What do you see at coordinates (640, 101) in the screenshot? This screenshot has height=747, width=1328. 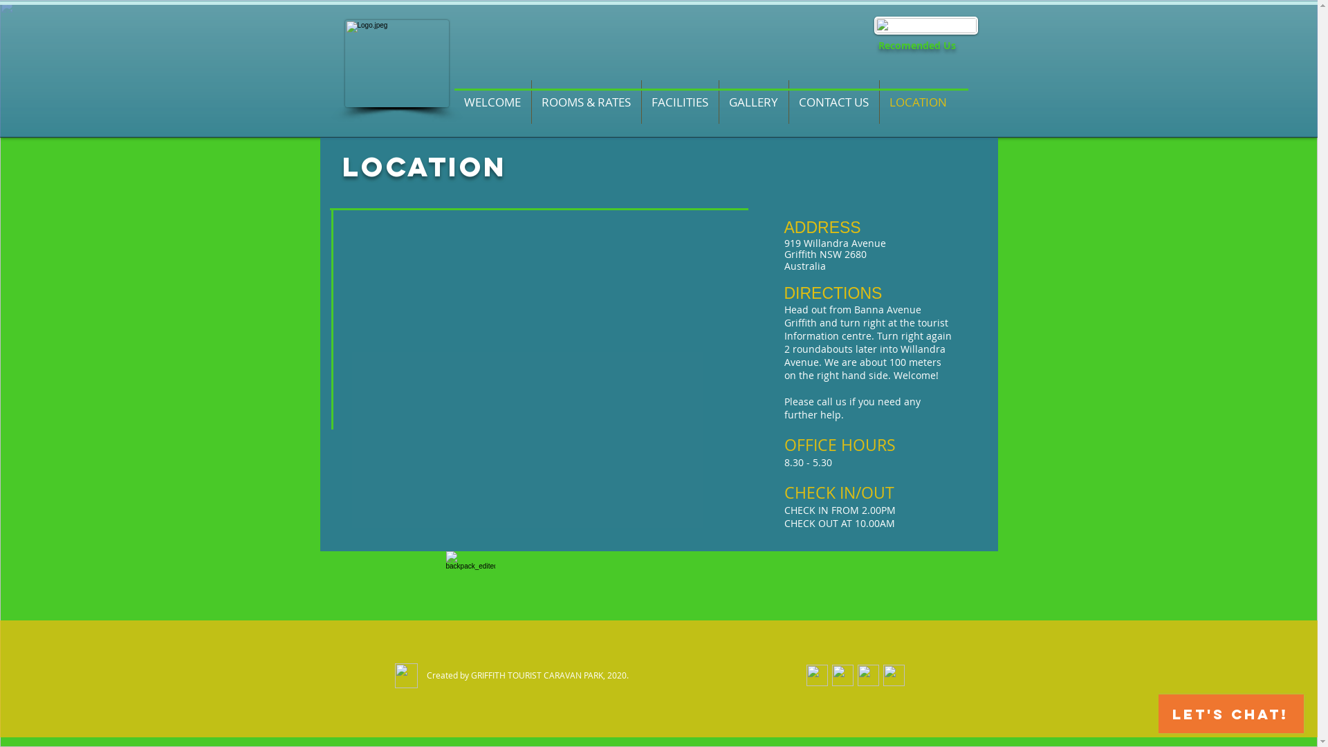 I see `'FACILITIES'` at bounding box center [640, 101].